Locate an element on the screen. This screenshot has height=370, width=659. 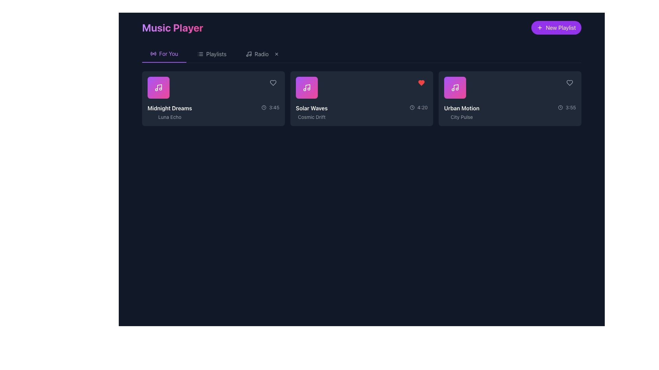
the music track item card that displays the track's title, artist or album, and duration, located in the second column of a grid layout is located at coordinates (361, 99).